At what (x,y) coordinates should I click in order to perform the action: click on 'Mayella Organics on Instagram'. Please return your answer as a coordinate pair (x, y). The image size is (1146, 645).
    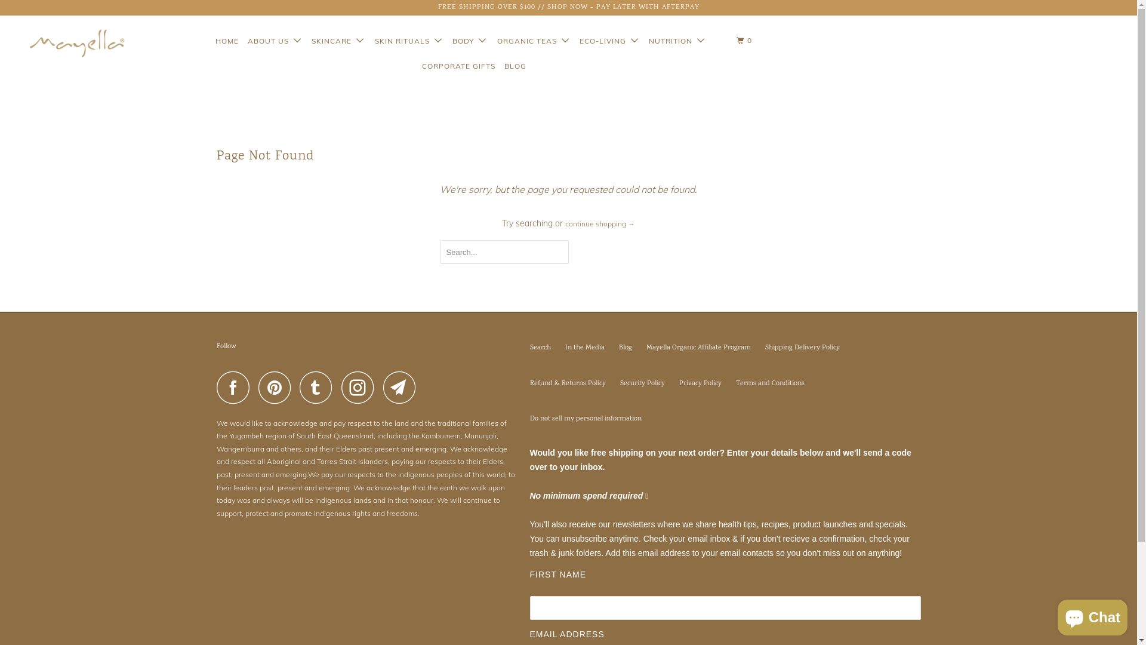
    Looking at the image, I should click on (360, 387).